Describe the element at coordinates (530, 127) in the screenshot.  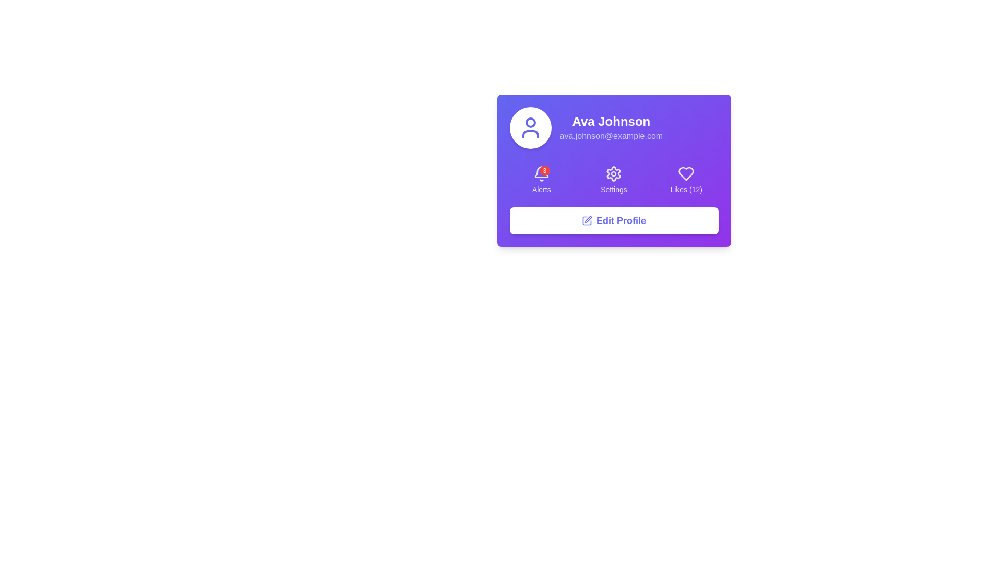
I see `the profile picture placeholder icon located in the top-left portion of the card layout, which indicates the user's identity` at that location.